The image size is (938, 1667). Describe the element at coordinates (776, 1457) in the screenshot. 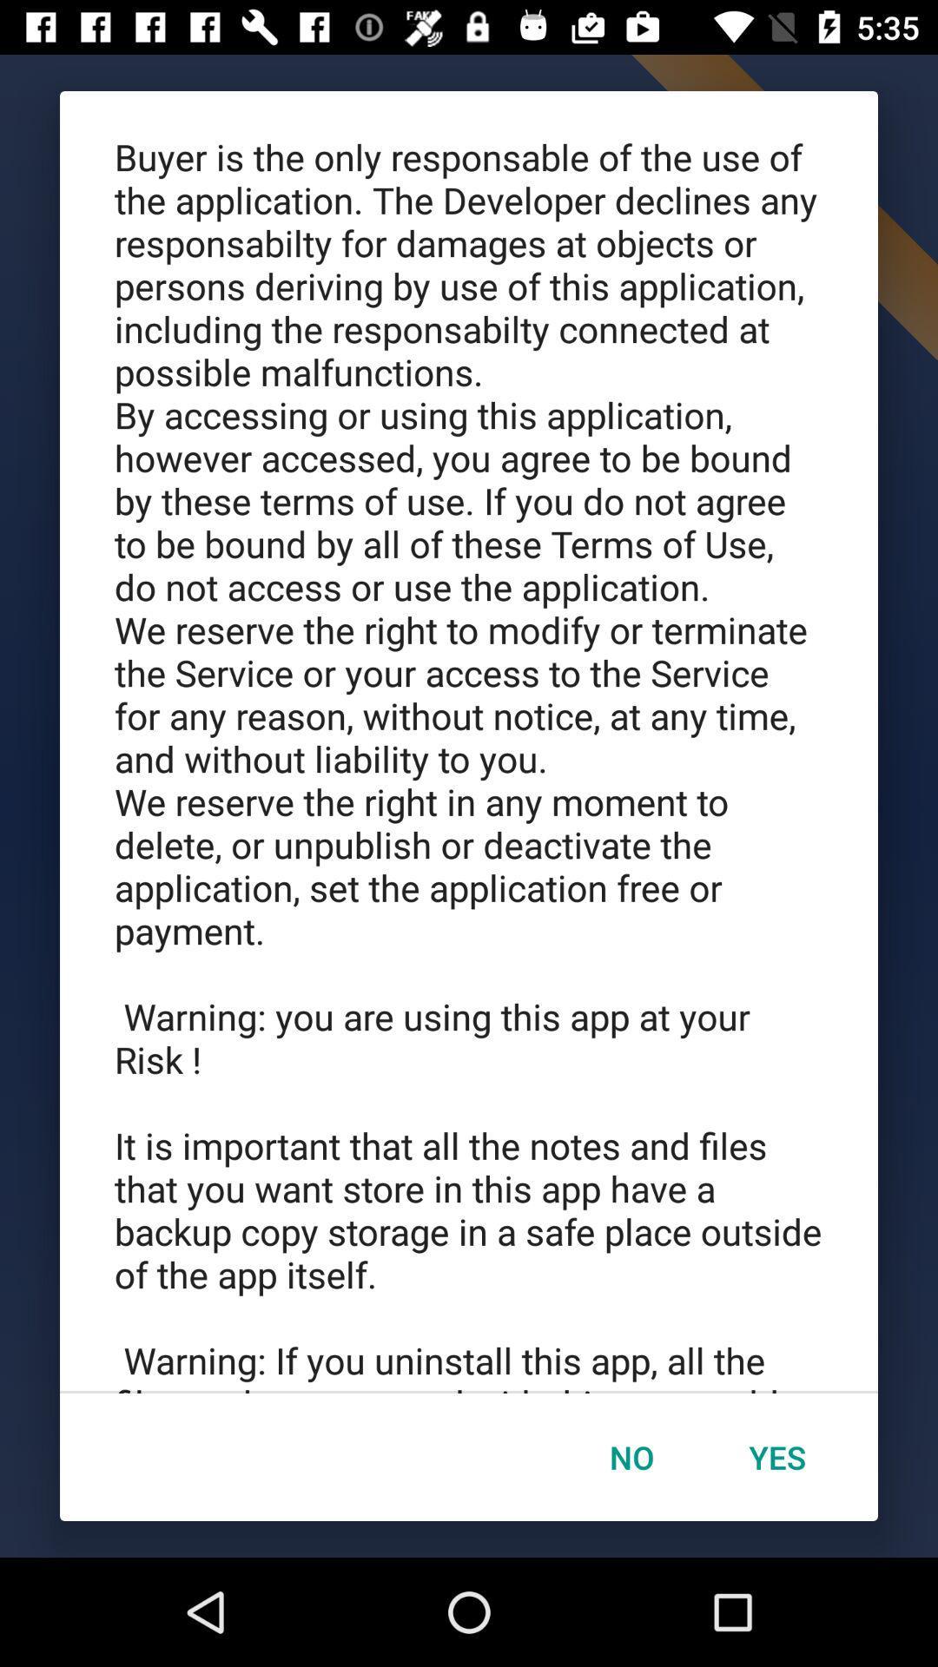

I see `item next to no` at that location.